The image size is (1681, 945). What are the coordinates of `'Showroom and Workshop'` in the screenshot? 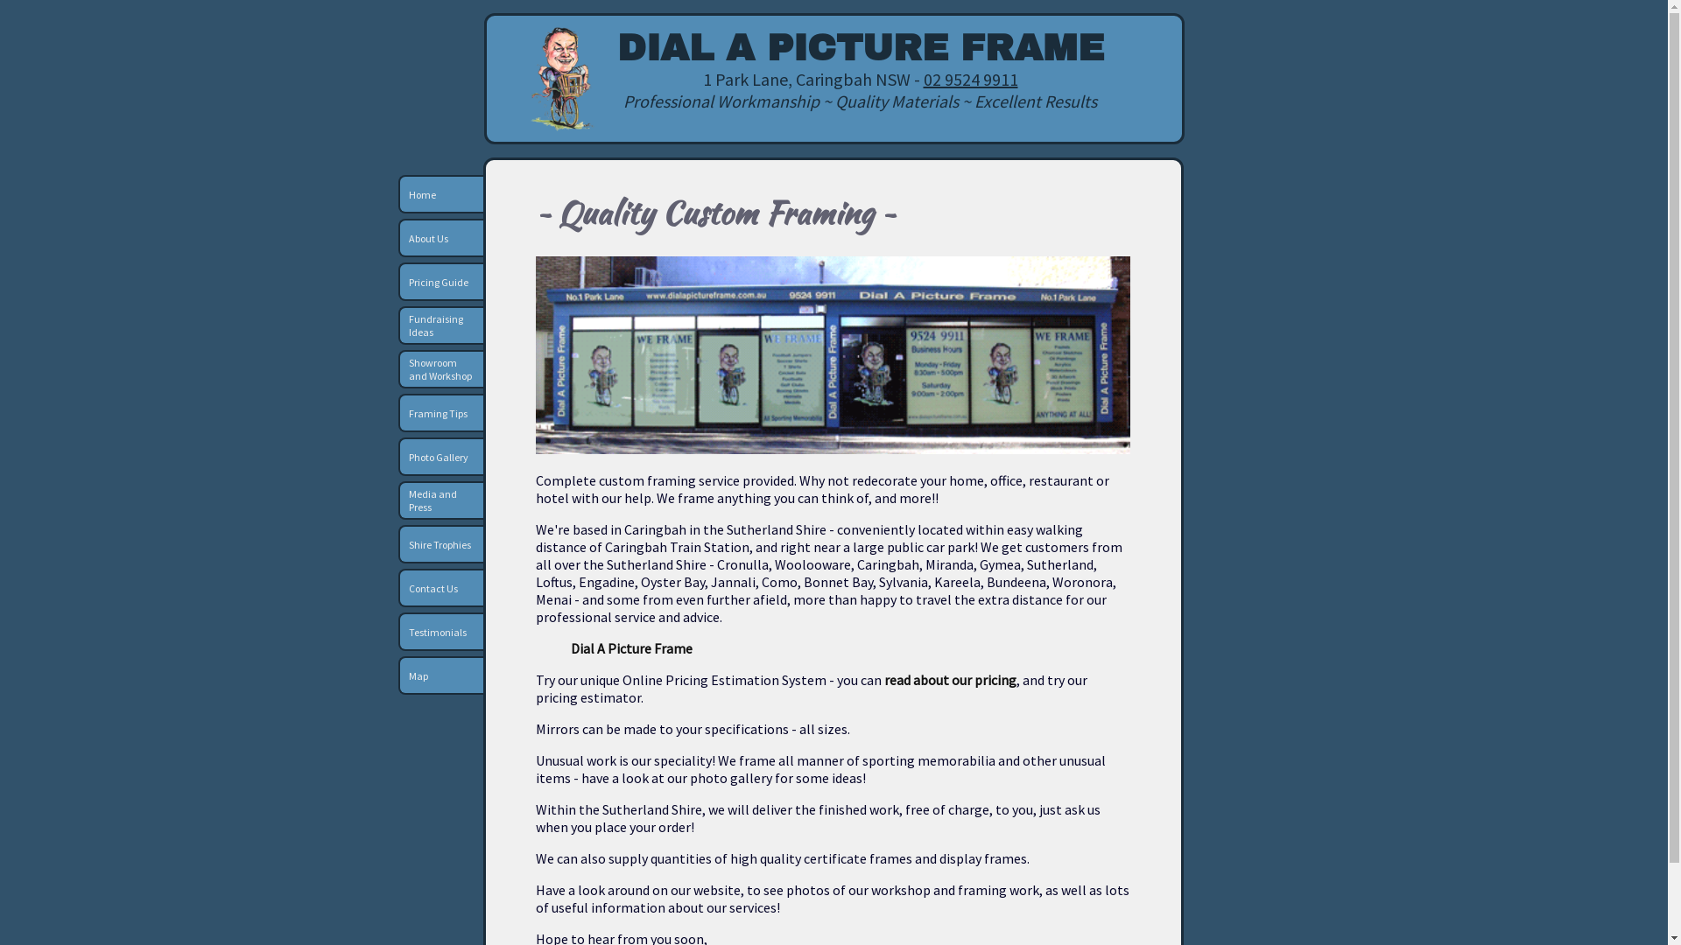 It's located at (440, 367).